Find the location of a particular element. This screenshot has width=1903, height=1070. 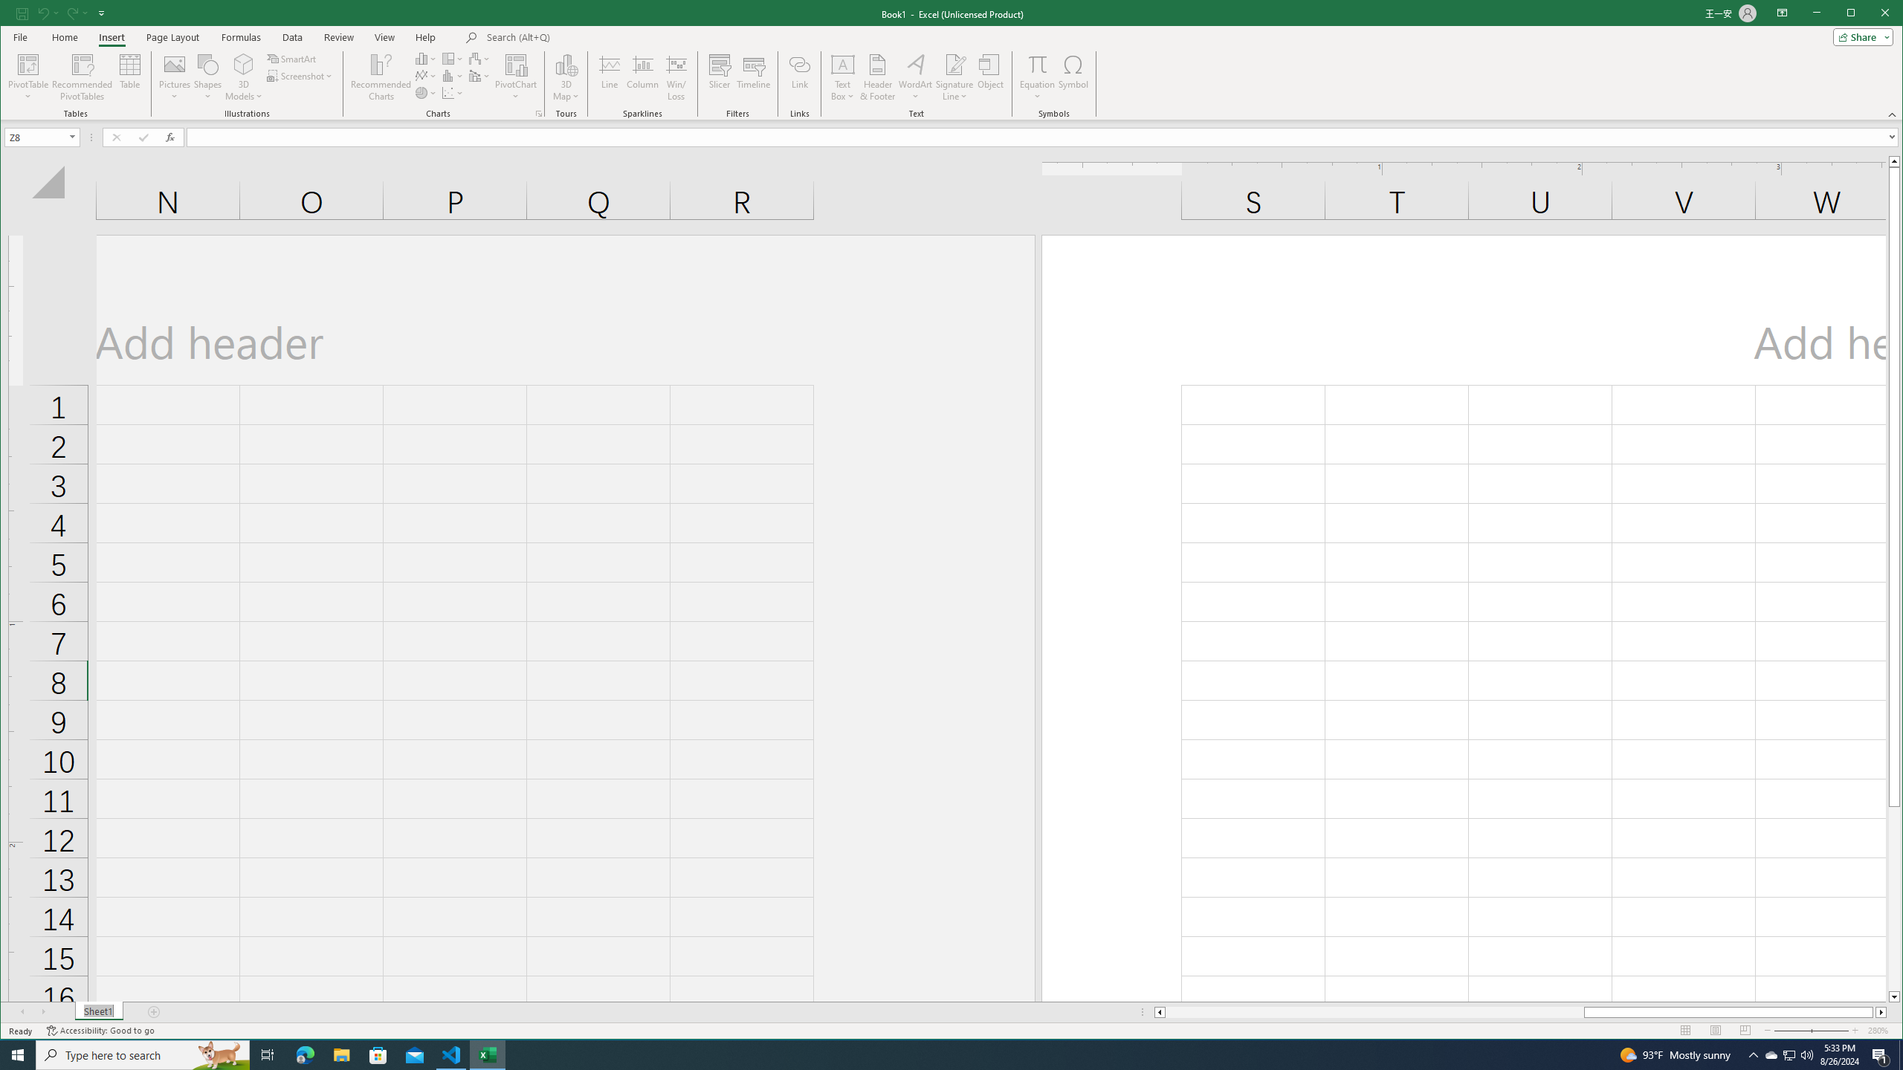

'Insert Waterfall, Funnel, Stock, Surface, or Radar Chart' is located at coordinates (479, 58).